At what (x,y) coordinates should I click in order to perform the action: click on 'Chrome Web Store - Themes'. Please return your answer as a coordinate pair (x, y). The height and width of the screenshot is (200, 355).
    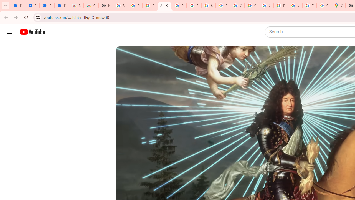
    Looking at the image, I should click on (91, 6).